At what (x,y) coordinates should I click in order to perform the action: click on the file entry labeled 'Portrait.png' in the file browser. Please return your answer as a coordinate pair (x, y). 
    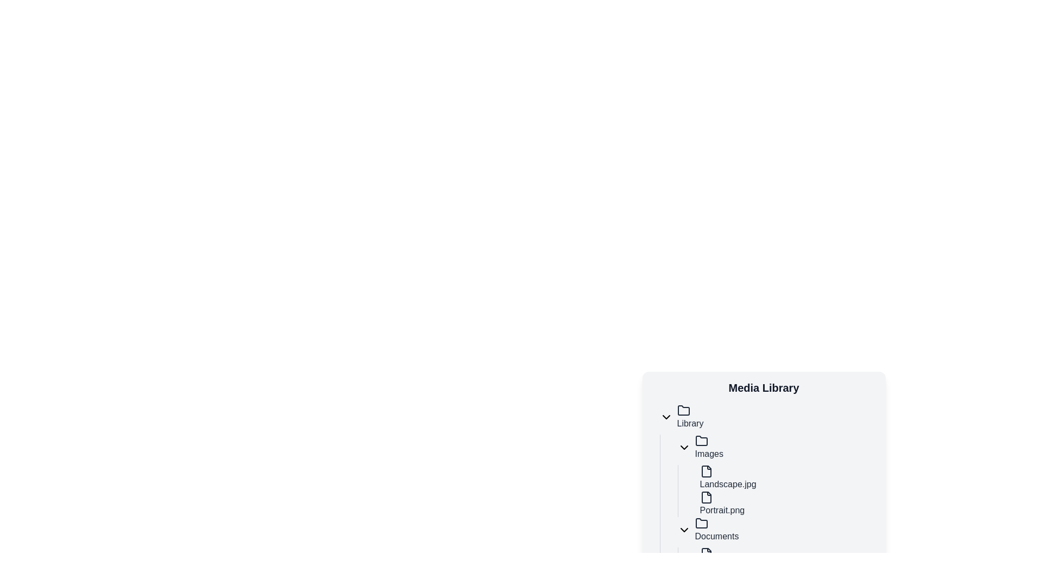
    Looking at the image, I should click on (786, 504).